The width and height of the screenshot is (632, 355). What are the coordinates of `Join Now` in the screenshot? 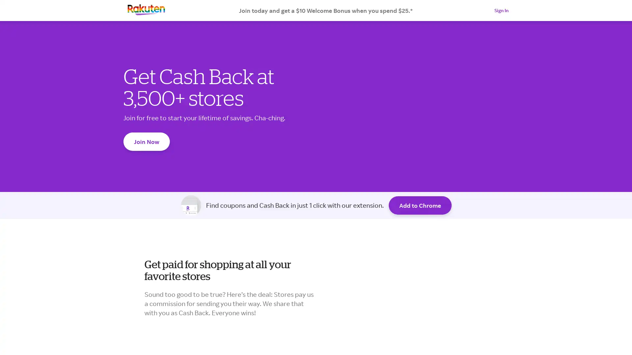 It's located at (146, 141).